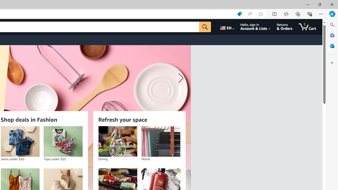 This screenshot has width=338, height=190. Describe the element at coordinates (227, 27) in the screenshot. I see `'Choose a language for shopping.'` at that location.